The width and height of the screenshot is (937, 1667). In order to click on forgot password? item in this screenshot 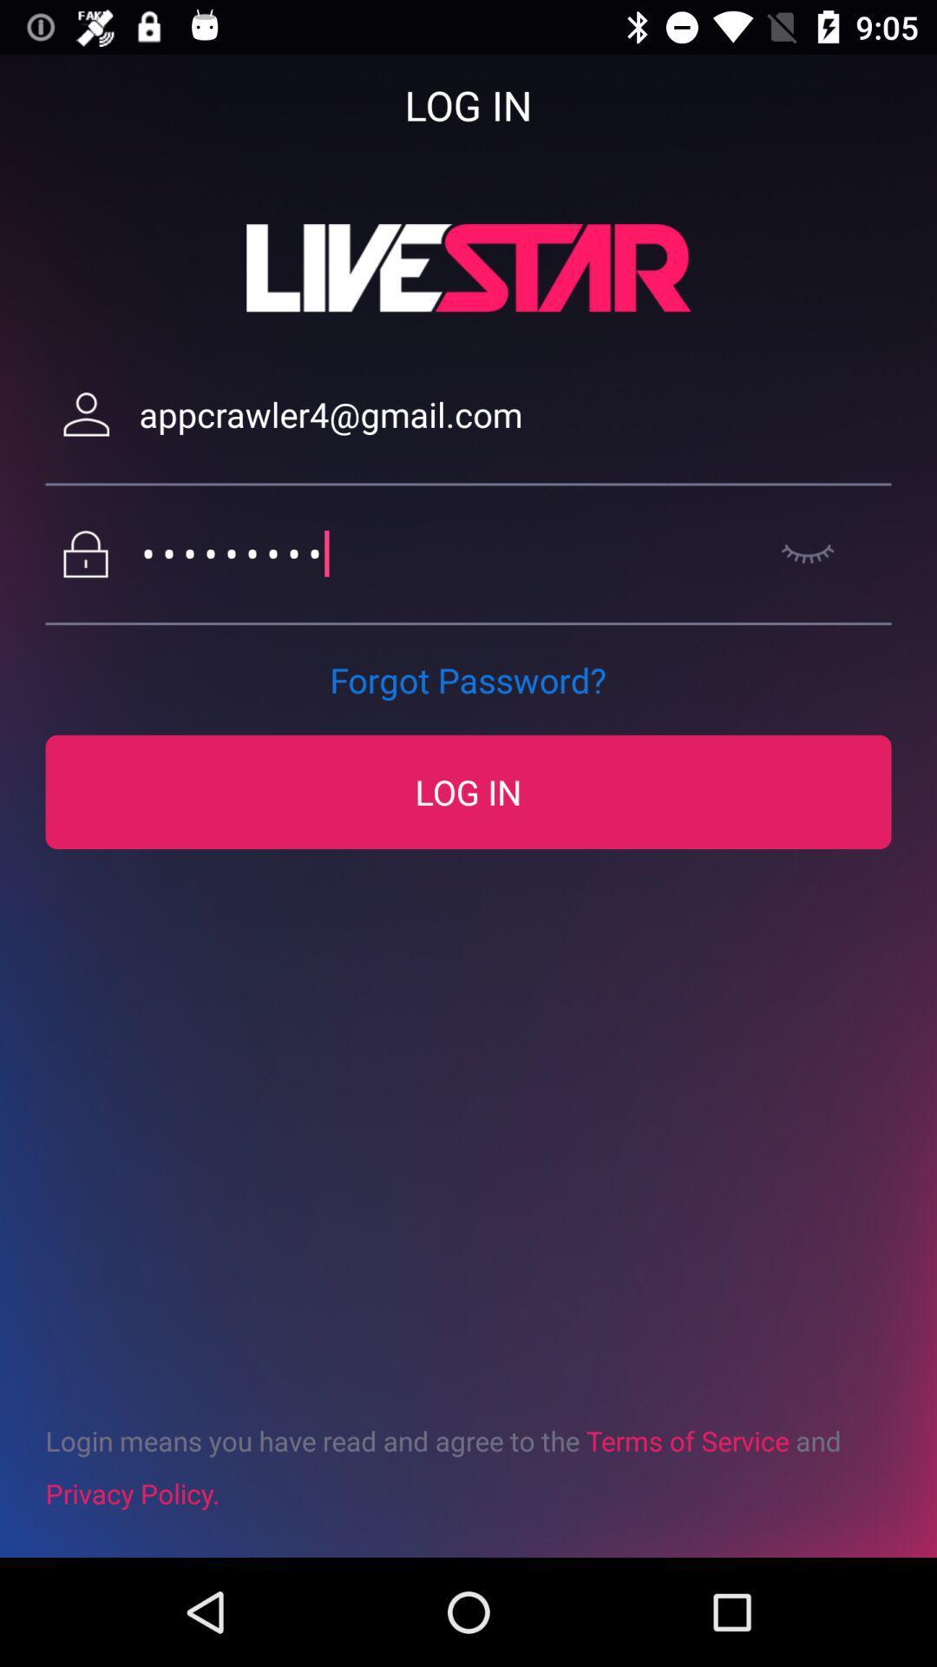, I will do `click(467, 679)`.